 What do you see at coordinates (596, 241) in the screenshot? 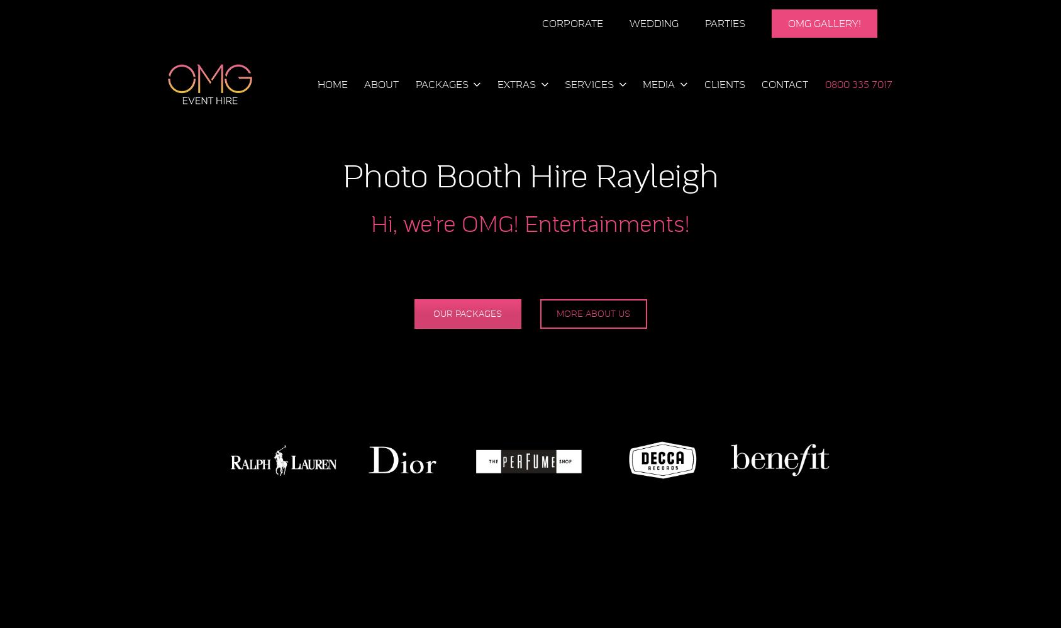
I see `'Send now!'` at bounding box center [596, 241].